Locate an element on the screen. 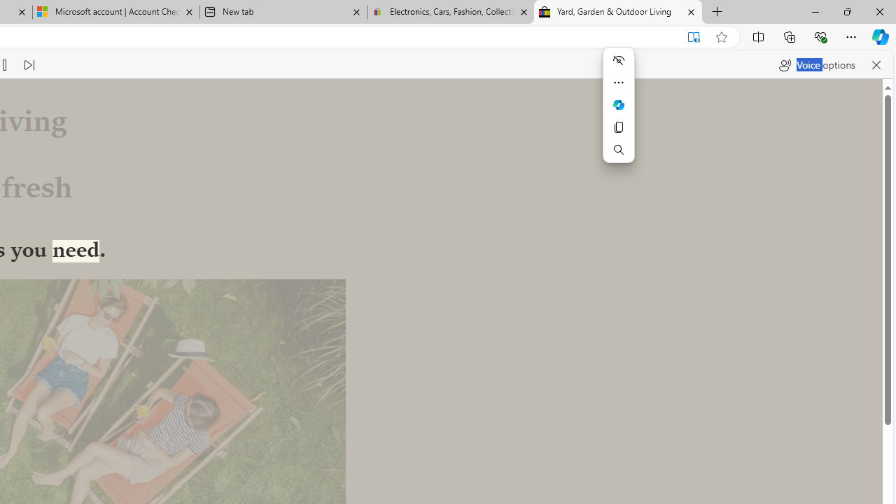 The width and height of the screenshot is (896, 504). 'Read next paragraph' is located at coordinates (29, 64).